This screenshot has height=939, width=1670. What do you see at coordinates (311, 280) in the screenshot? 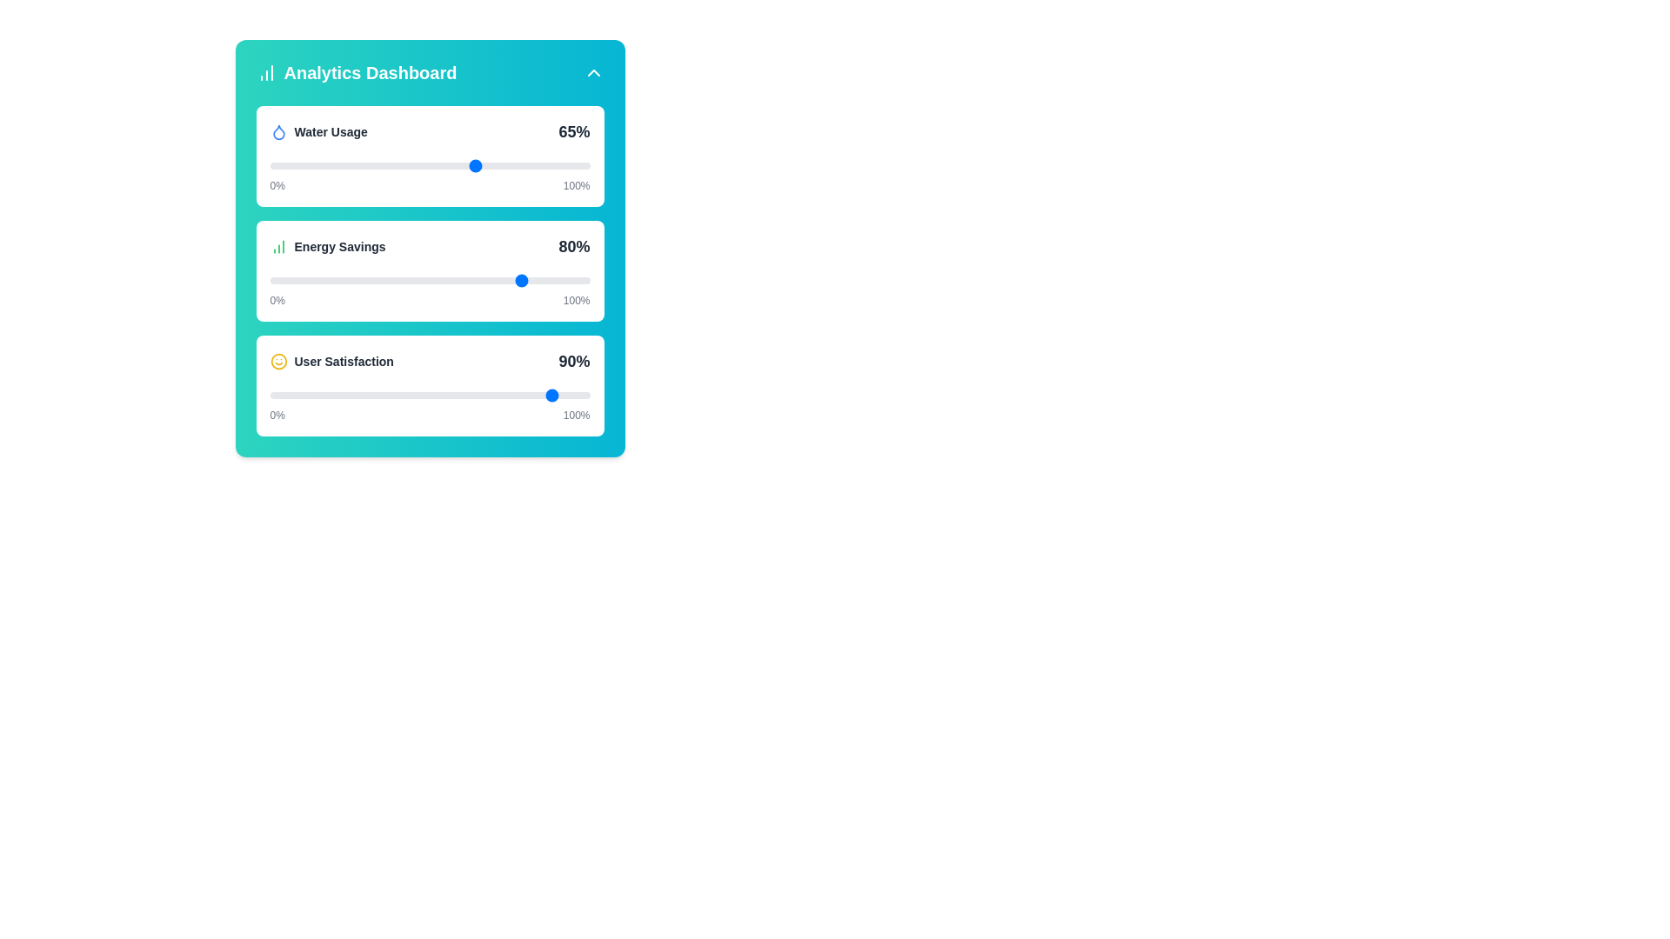
I see `energy savings` at bounding box center [311, 280].